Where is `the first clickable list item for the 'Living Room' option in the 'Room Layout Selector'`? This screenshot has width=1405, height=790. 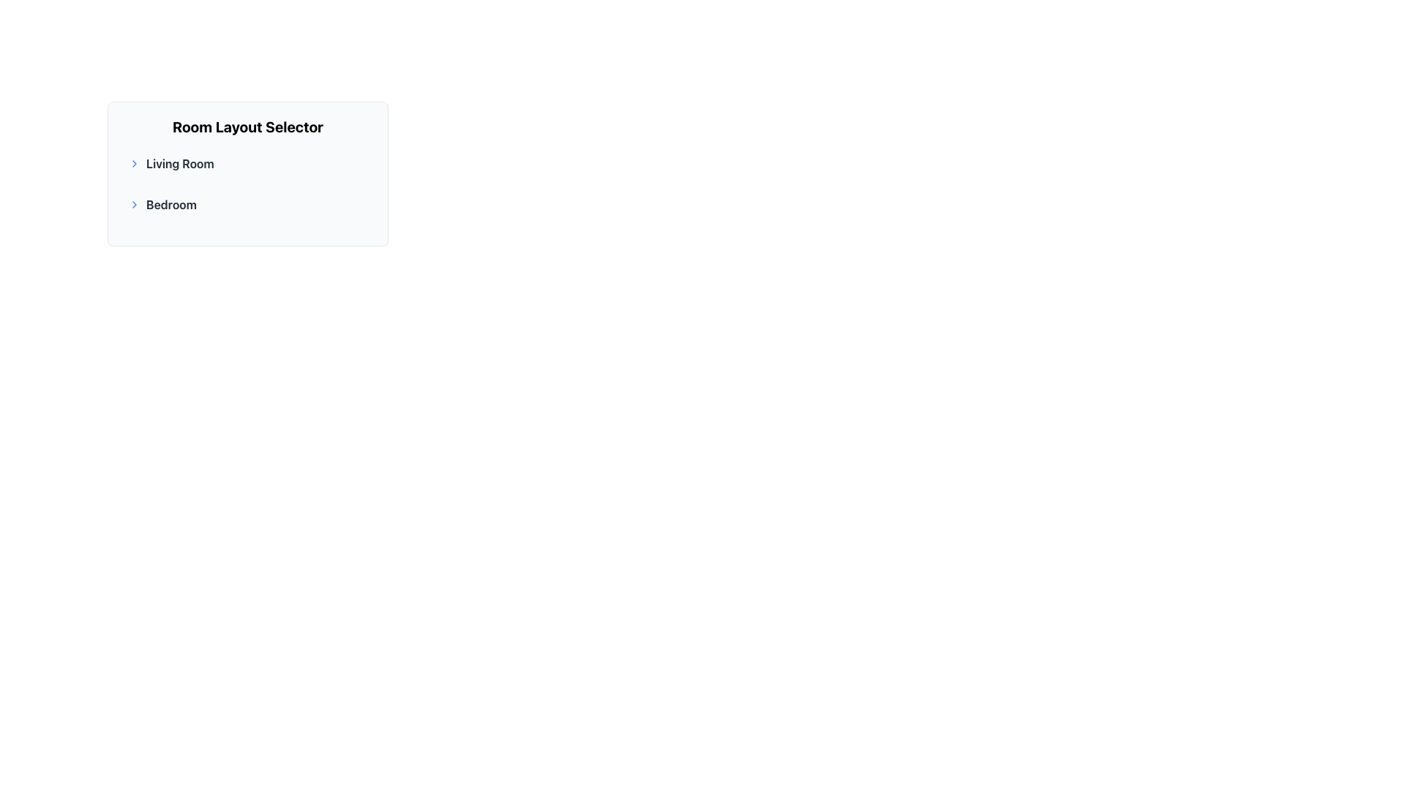
the first clickable list item for the 'Living Room' option in the 'Room Layout Selector' is located at coordinates (248, 163).